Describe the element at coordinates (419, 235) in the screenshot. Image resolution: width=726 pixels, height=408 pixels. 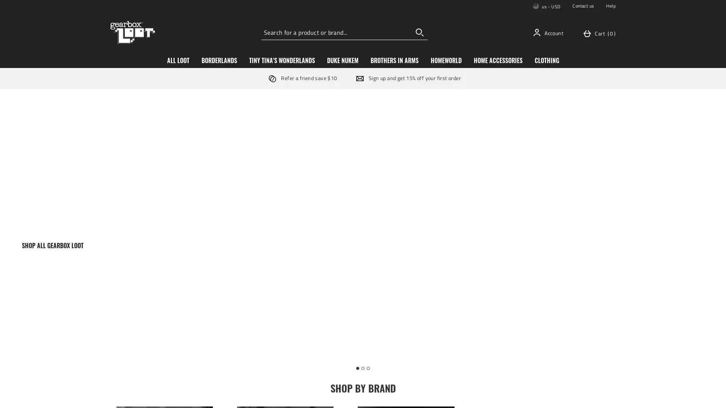
I see `SIGN UP` at that location.